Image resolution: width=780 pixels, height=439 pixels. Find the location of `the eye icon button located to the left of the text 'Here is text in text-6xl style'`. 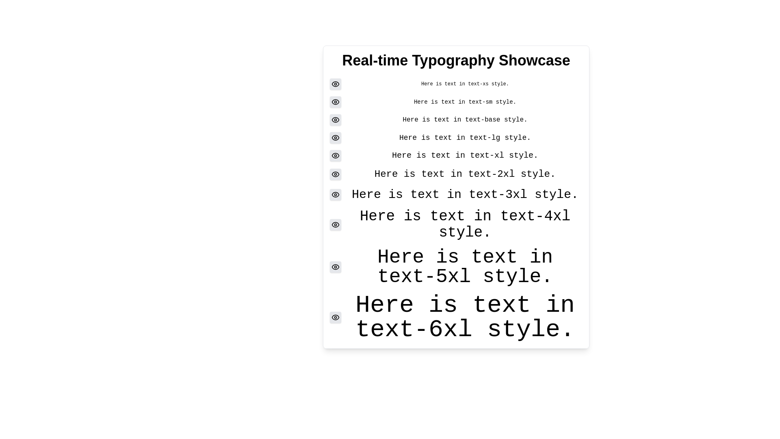

the eye icon button located to the left of the text 'Here is text in text-6xl style' is located at coordinates (335, 317).